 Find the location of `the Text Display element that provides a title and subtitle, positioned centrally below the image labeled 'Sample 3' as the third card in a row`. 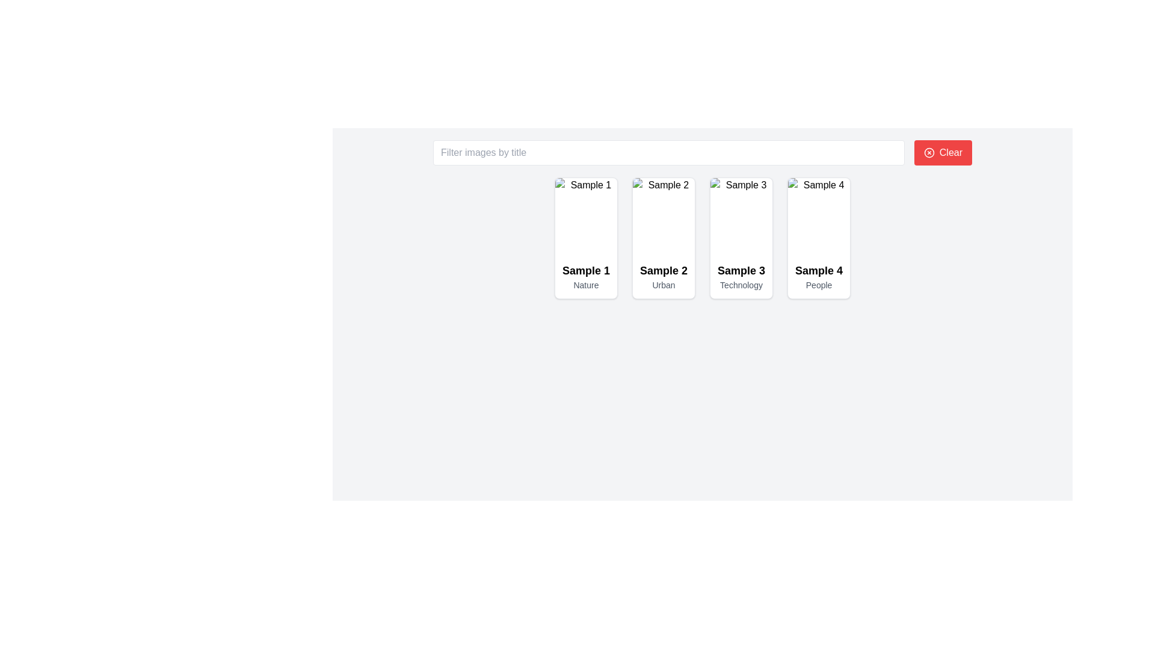

the Text Display element that provides a title and subtitle, positioned centrally below the image labeled 'Sample 3' as the third card in a row is located at coordinates (741, 276).